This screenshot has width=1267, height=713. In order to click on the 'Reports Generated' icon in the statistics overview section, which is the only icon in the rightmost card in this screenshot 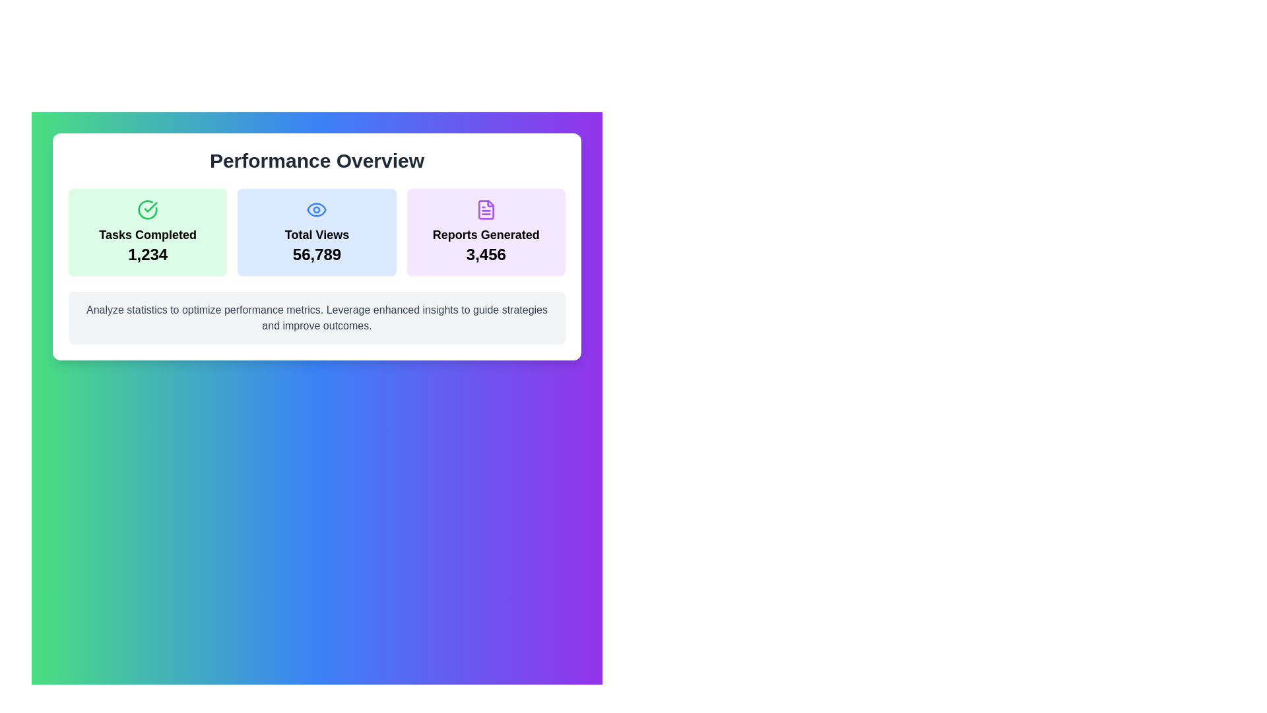, I will do `click(485, 209)`.